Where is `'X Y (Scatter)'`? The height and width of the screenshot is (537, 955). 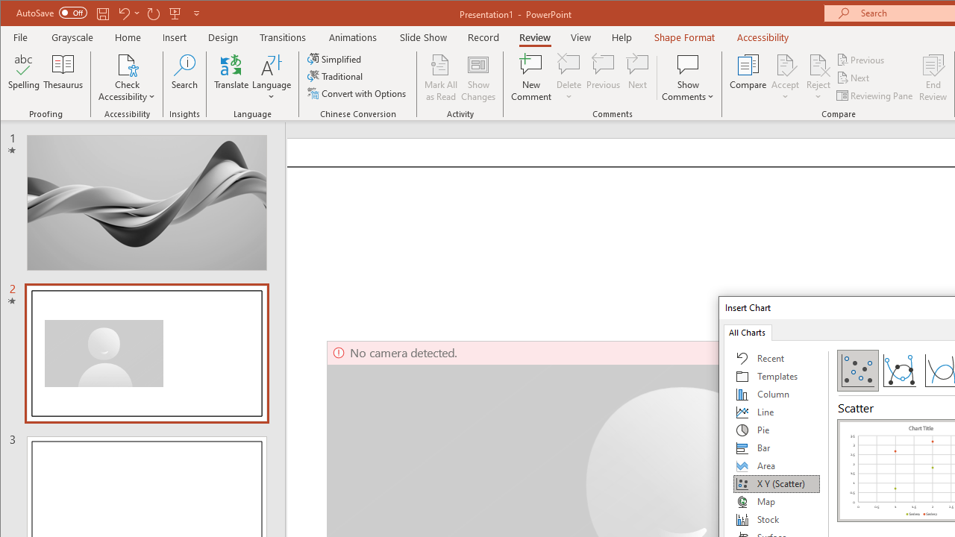 'X Y (Scatter)' is located at coordinates (776, 484).